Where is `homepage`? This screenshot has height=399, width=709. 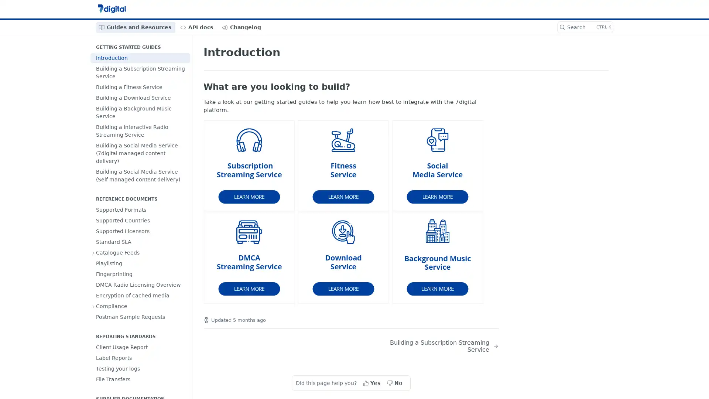
homepage is located at coordinates (343, 165).